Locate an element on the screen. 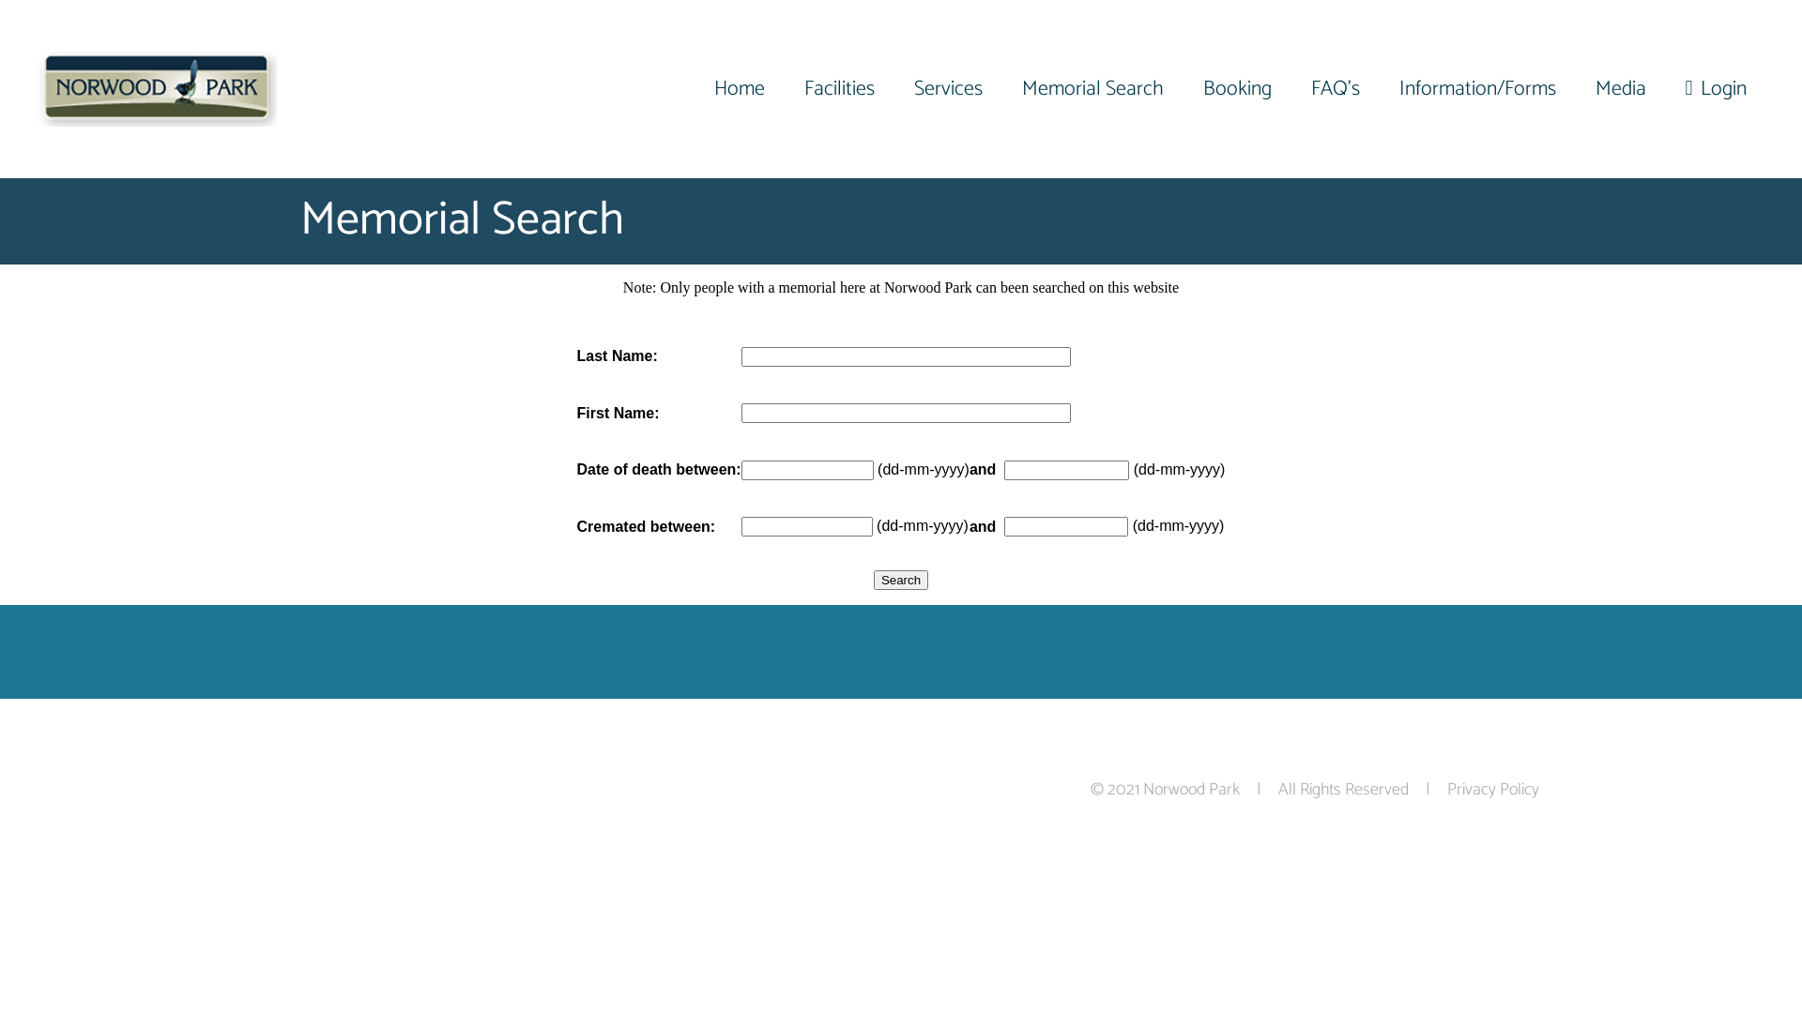 The height and width of the screenshot is (1013, 1802). 'Login' is located at coordinates (1672, 89).